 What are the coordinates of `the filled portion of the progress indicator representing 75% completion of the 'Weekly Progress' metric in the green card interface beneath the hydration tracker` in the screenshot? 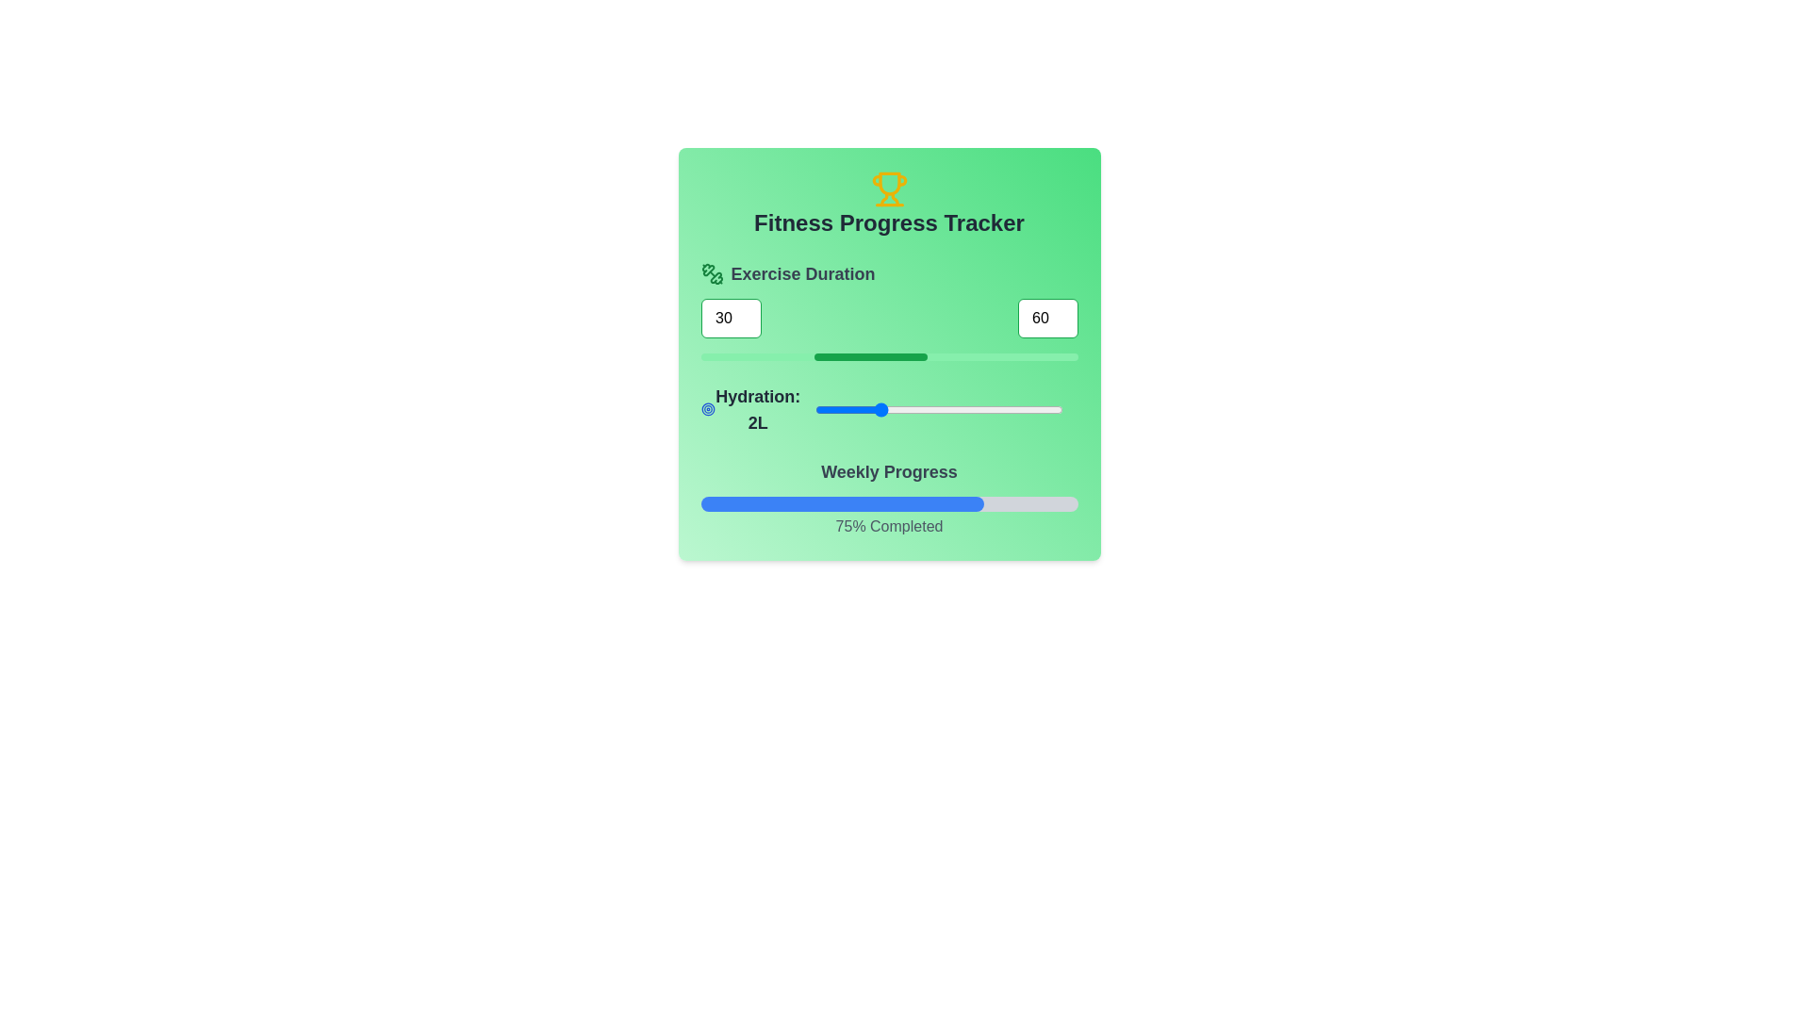 It's located at (841, 503).